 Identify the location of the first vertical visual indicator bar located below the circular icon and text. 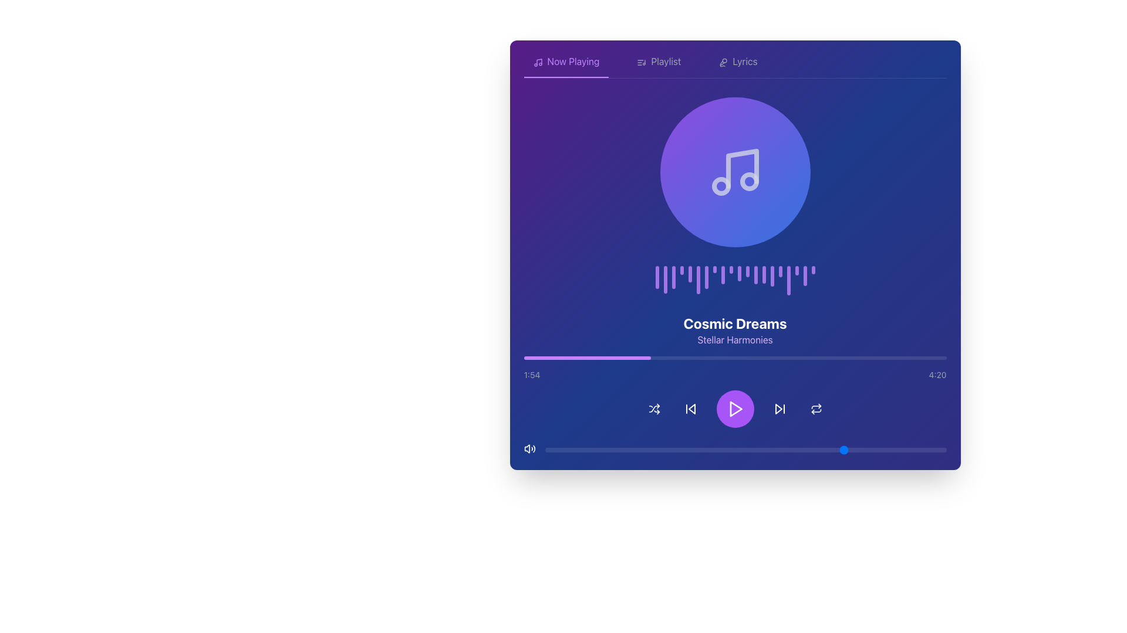
(656, 277).